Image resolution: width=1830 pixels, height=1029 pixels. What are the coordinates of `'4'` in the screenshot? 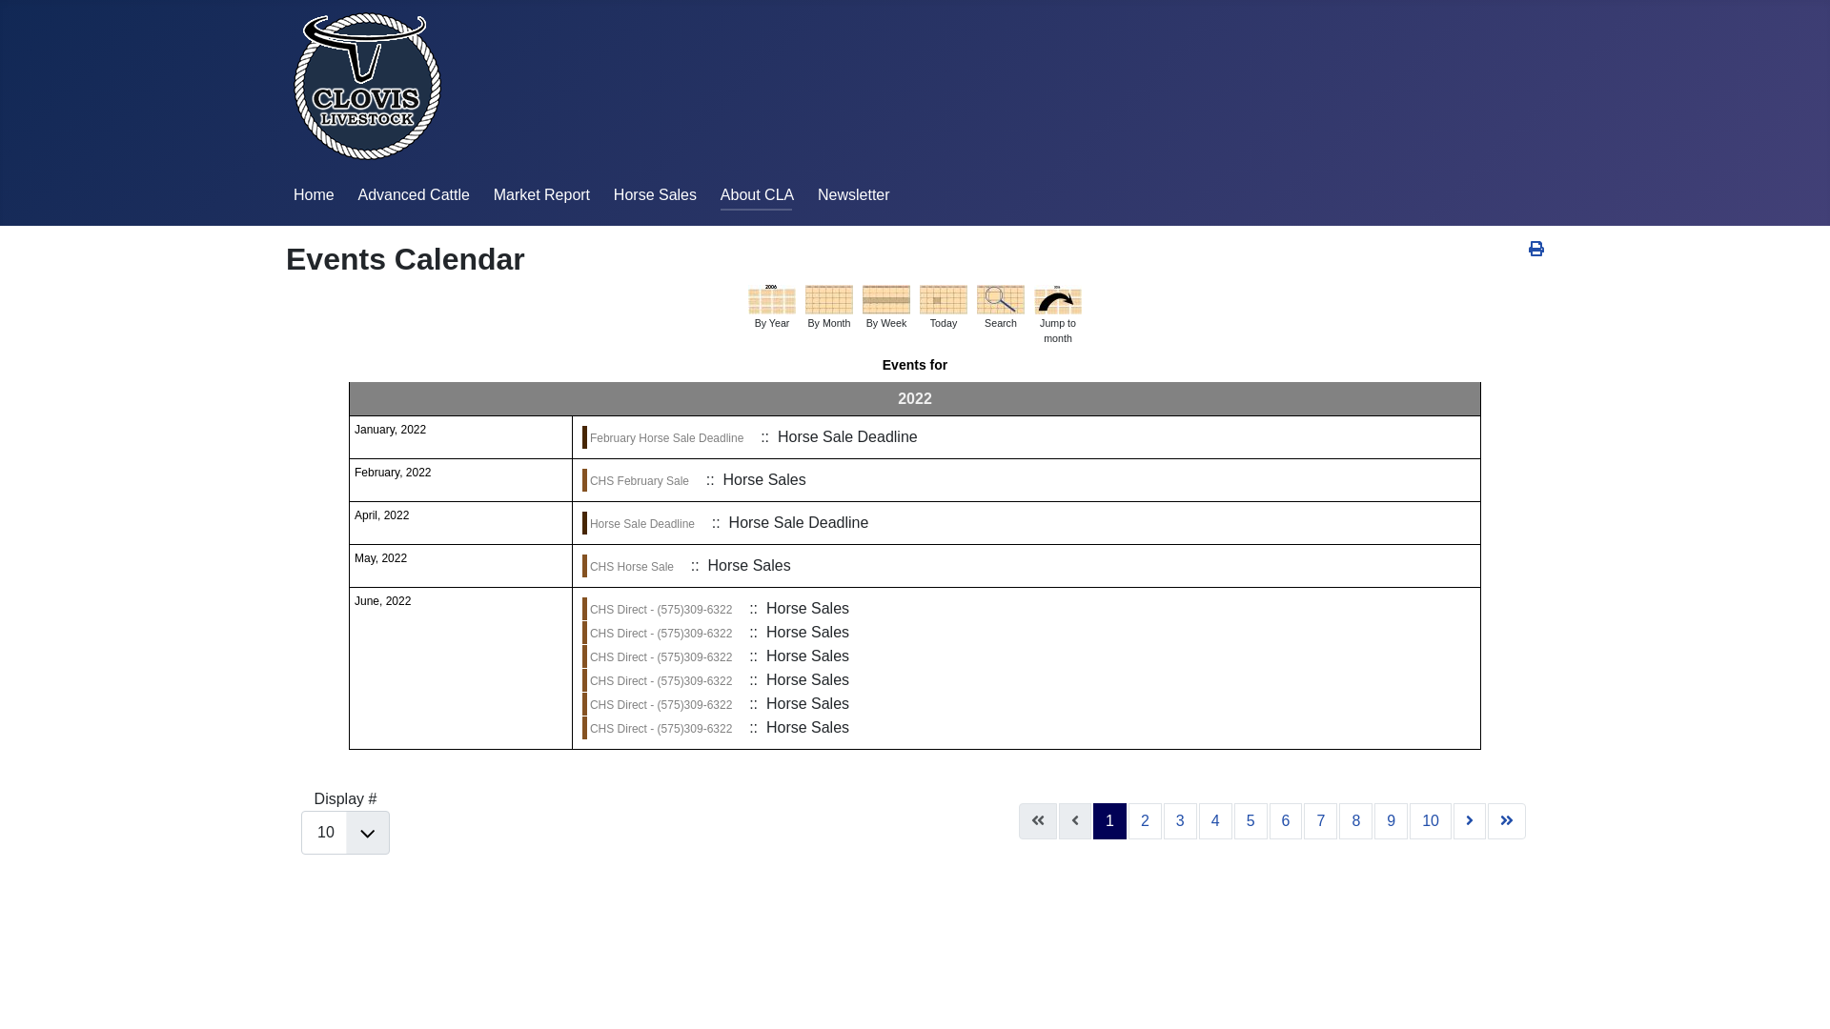 It's located at (1214, 819).